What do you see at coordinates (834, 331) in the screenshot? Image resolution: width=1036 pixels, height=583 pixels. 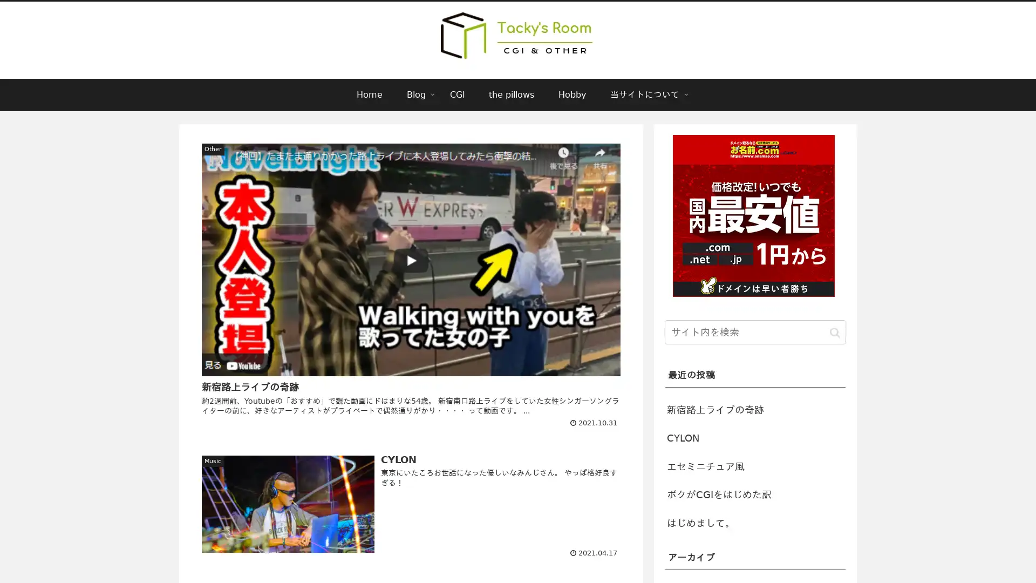 I see `button` at bounding box center [834, 331].